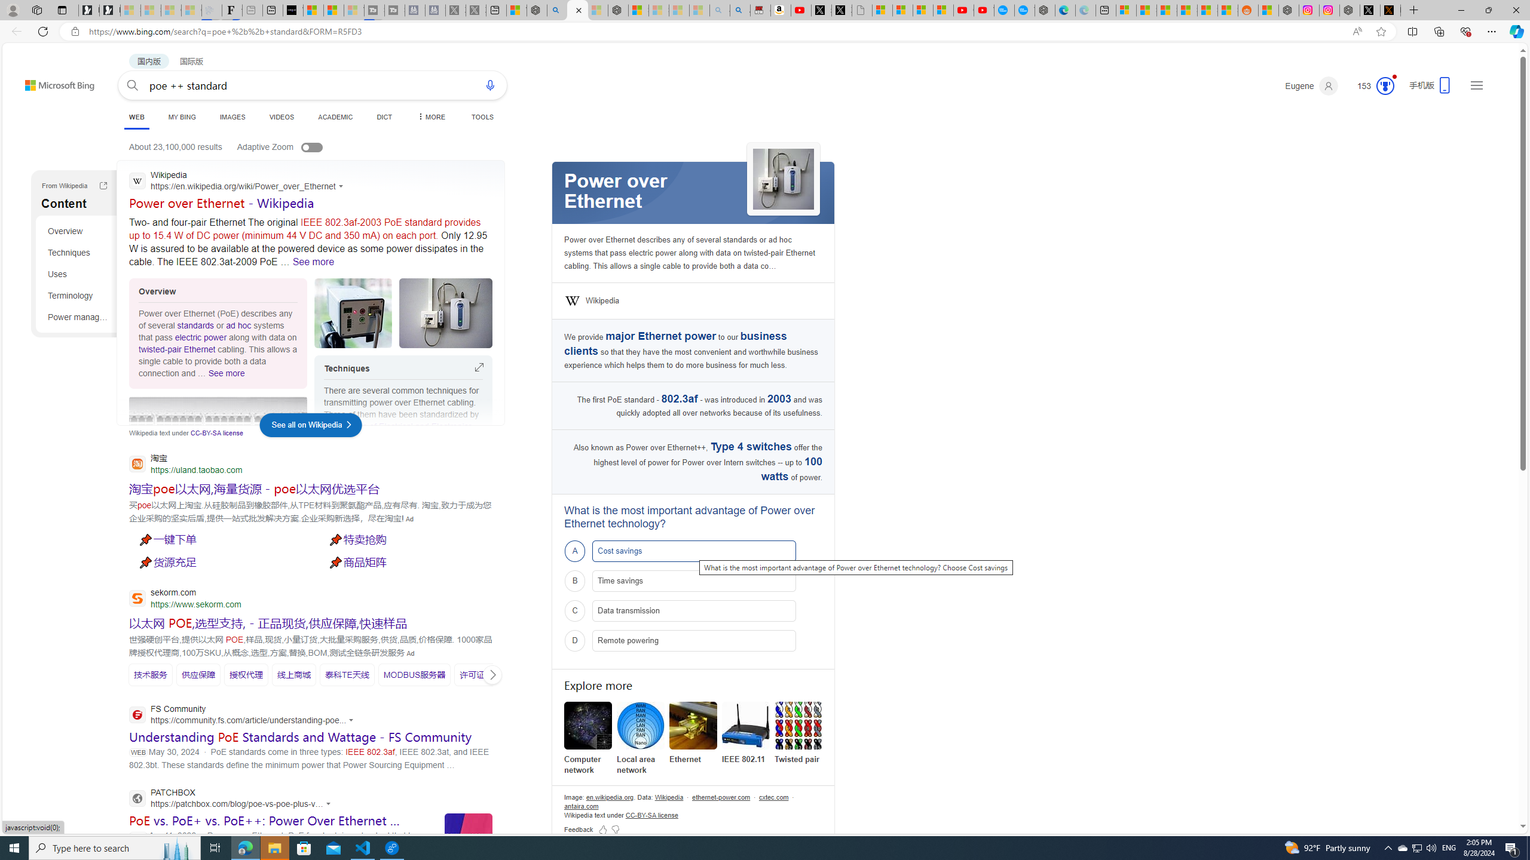 The image size is (1530, 860). I want to click on 'Microsoft Rewards 153', so click(1370, 85).